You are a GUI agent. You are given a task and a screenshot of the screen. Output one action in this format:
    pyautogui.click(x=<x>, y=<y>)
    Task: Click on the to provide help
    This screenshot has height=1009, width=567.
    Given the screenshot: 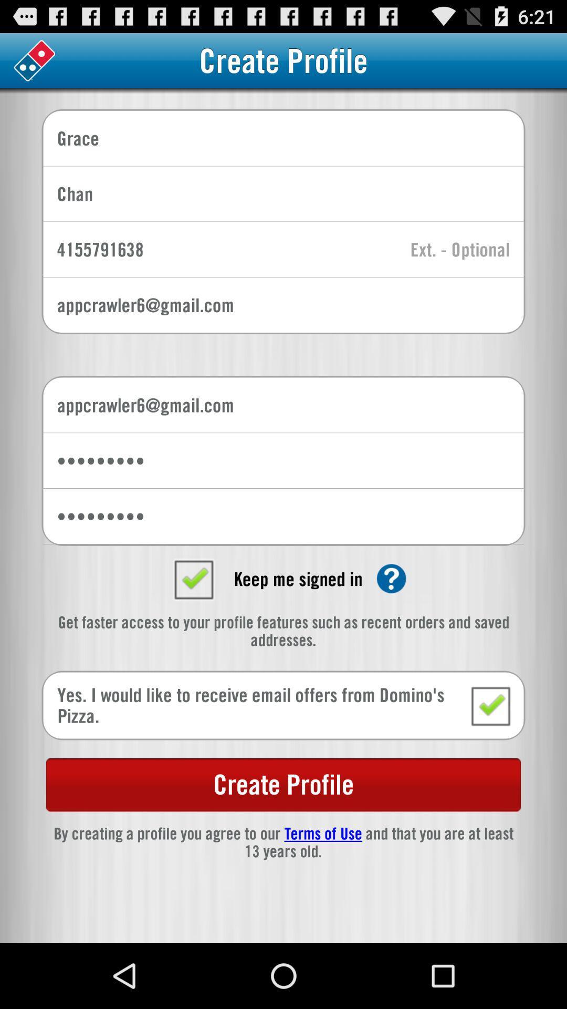 What is the action you would take?
    pyautogui.click(x=391, y=578)
    